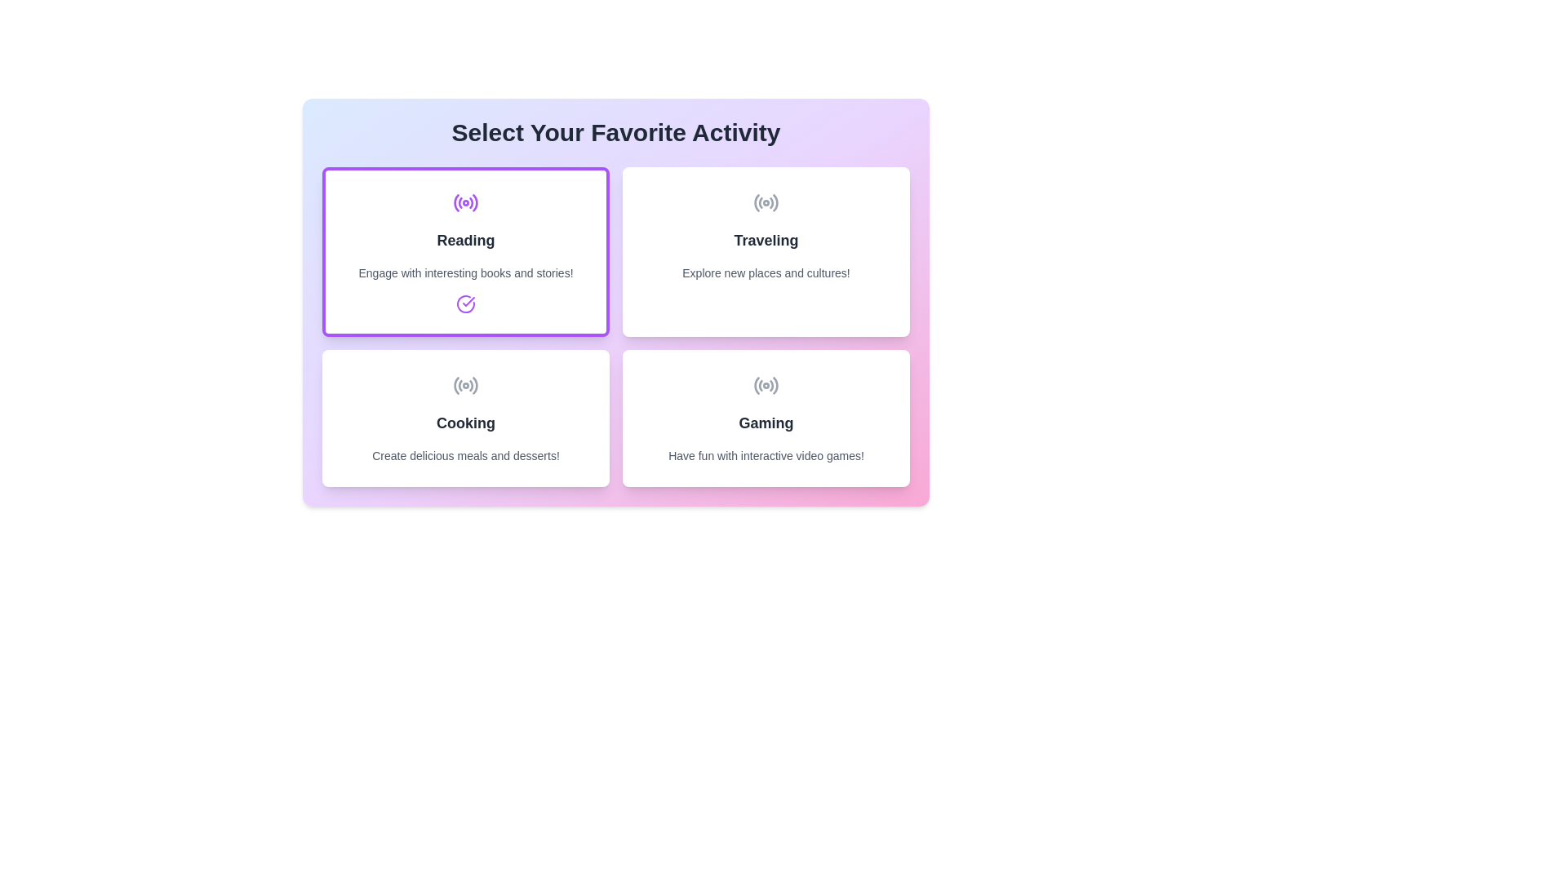 Image resolution: width=1567 pixels, height=881 pixels. What do you see at coordinates (766, 272) in the screenshot?
I see `the text label that says 'Explore new places and cultures!', which is located beneath the title 'Traveling' in the card layout` at bounding box center [766, 272].